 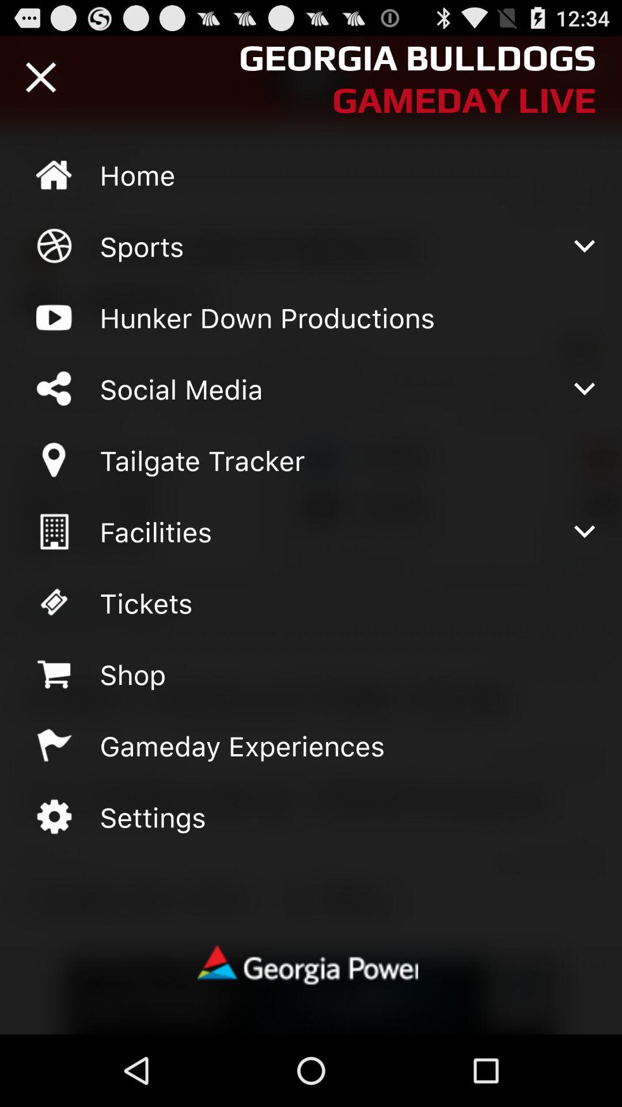 I want to click on georgia power, so click(x=310, y=966).